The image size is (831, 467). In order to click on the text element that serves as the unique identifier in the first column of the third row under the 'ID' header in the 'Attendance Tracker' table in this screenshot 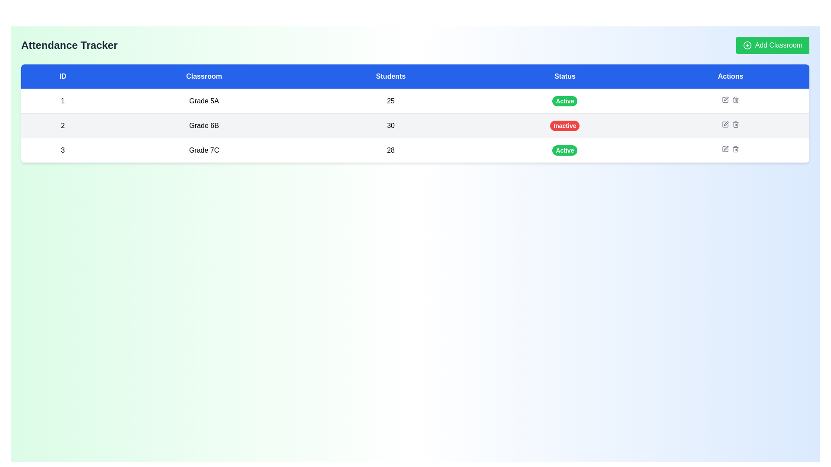, I will do `click(62, 150)`.